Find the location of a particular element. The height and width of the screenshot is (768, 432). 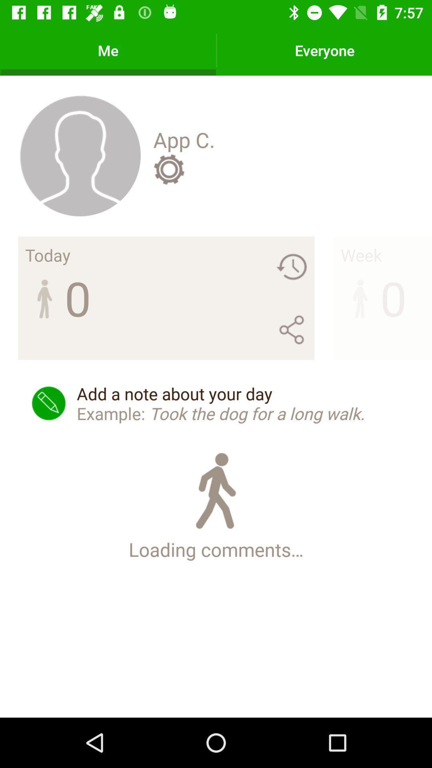

icon below everyone icon is located at coordinates (361, 254).